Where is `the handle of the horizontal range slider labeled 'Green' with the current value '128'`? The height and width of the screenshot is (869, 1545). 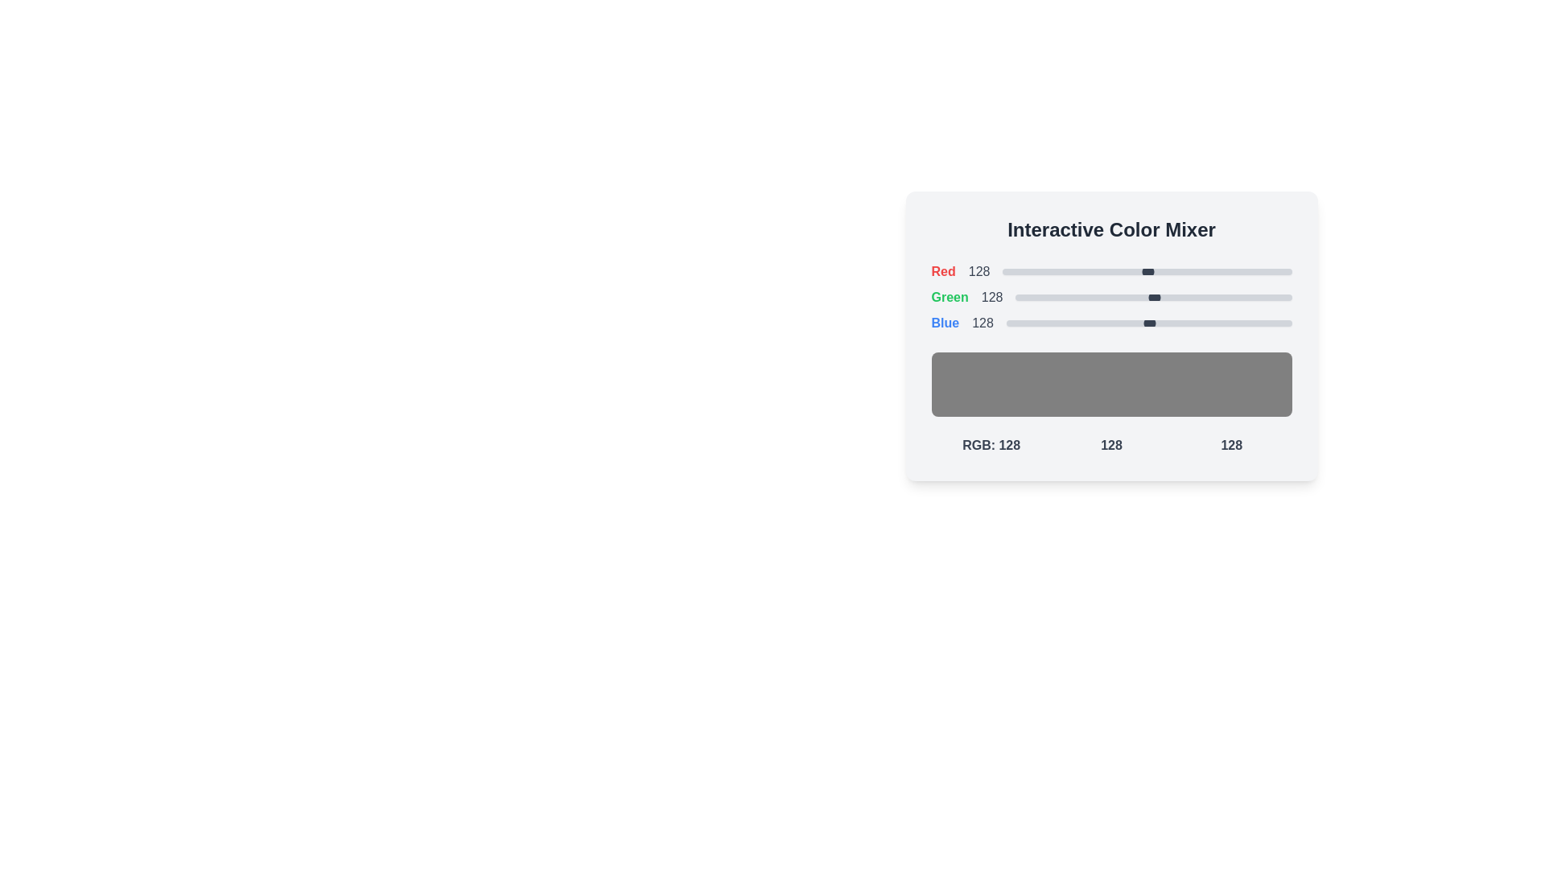 the handle of the horizontal range slider labeled 'Green' with the current value '128' is located at coordinates (1153, 298).